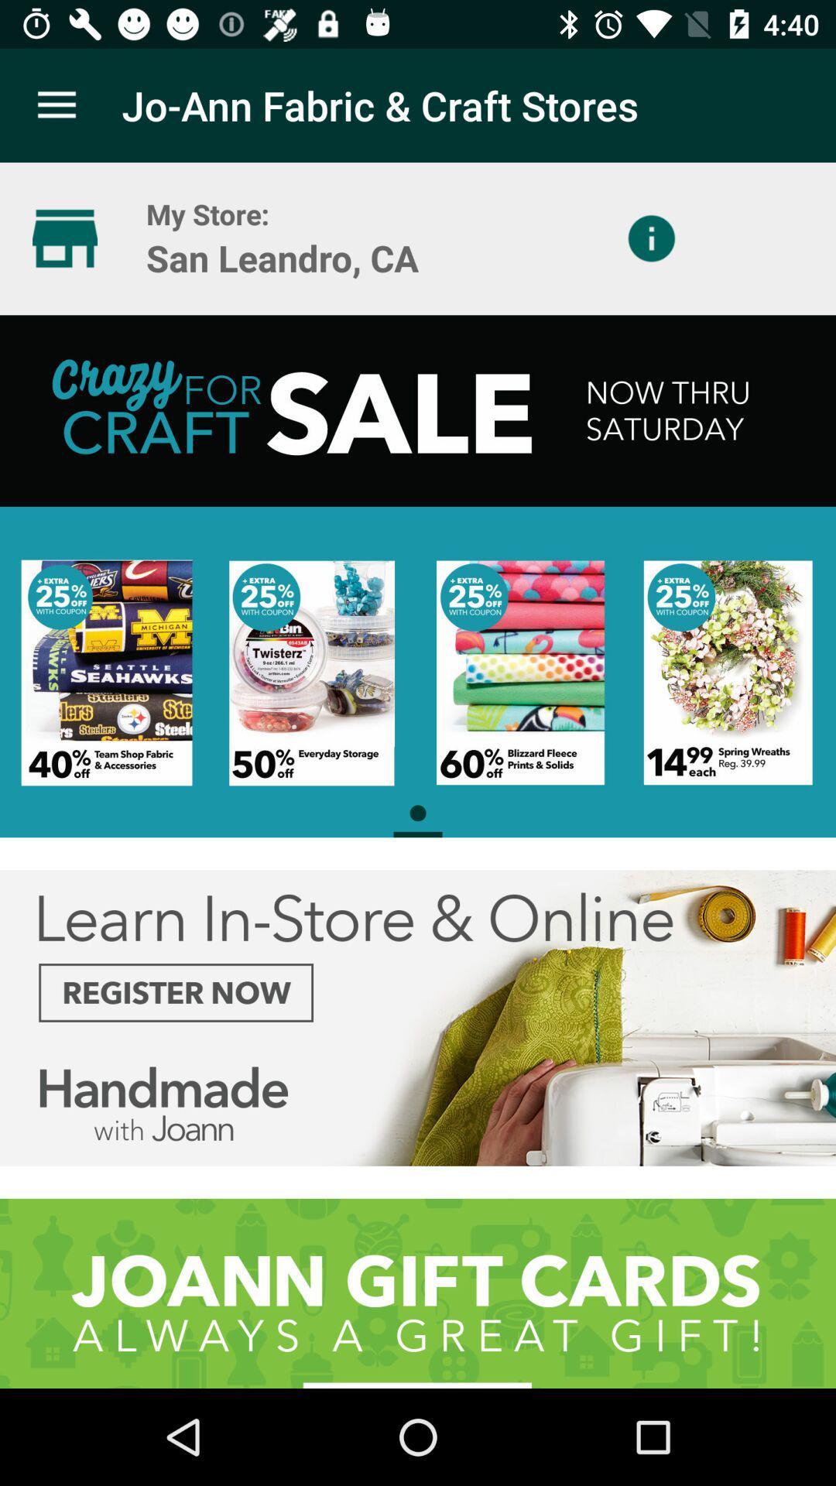 The height and width of the screenshot is (1486, 836). I want to click on the icon next to jo ann fabric, so click(56, 104).